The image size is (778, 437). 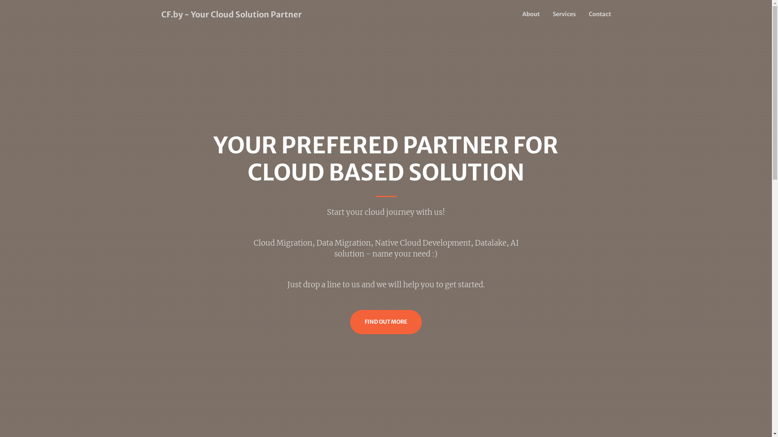 What do you see at coordinates (596, 14) in the screenshot?
I see `'Contact'` at bounding box center [596, 14].